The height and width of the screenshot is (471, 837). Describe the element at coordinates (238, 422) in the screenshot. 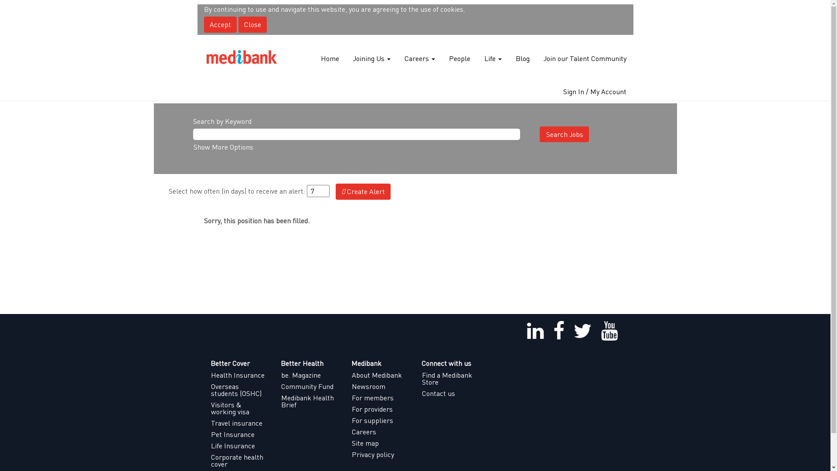

I see `'Travel insurance'` at that location.